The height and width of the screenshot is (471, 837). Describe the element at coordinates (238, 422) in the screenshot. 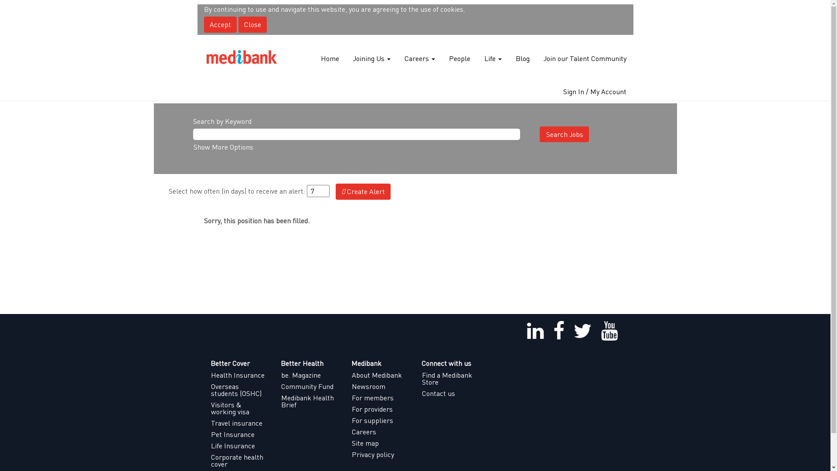

I see `'Travel insurance'` at that location.